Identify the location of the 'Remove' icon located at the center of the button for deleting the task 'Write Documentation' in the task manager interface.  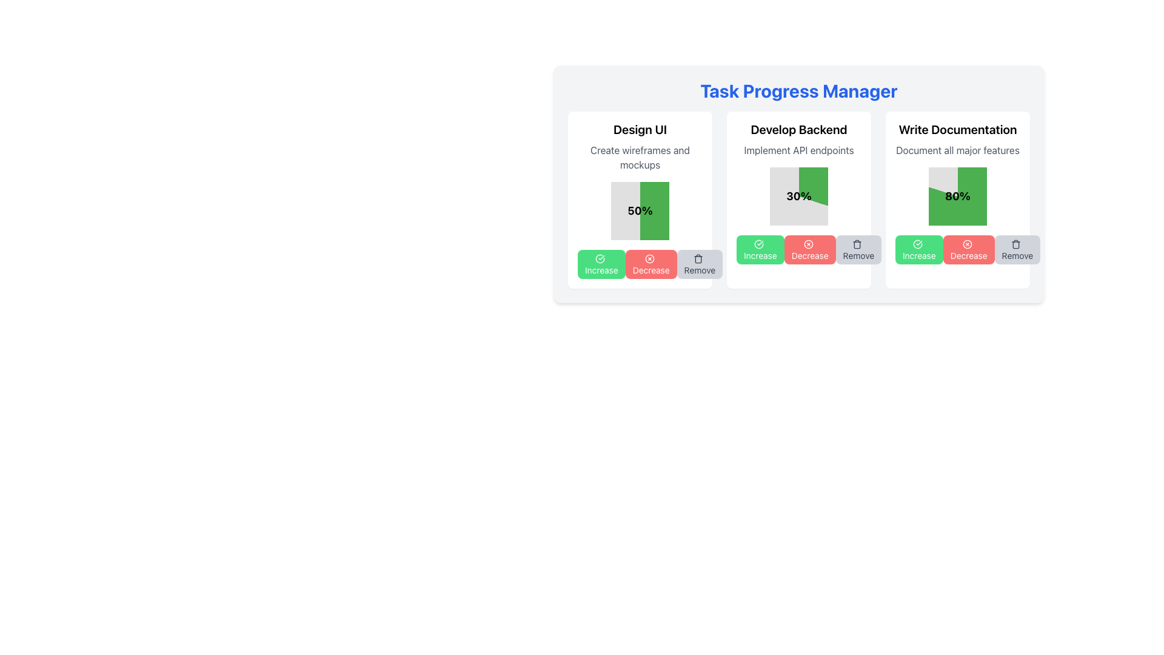
(1016, 244).